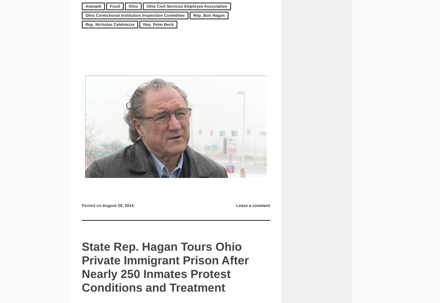 Image resolution: width=440 pixels, height=303 pixels. I want to click on 'Leave a comment', so click(253, 205).